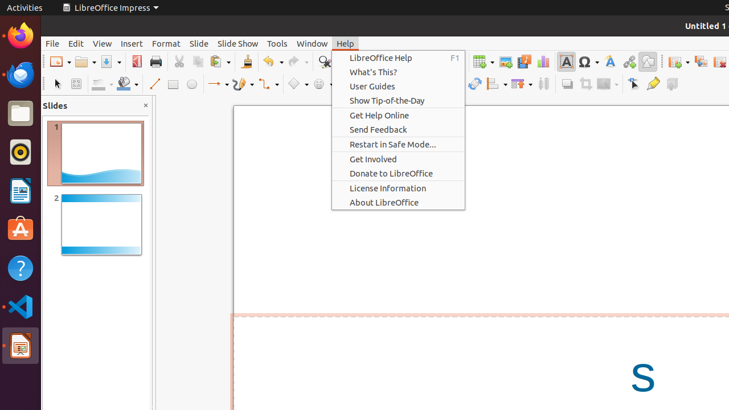 The width and height of the screenshot is (729, 410). I want to click on 'File', so click(52, 43).